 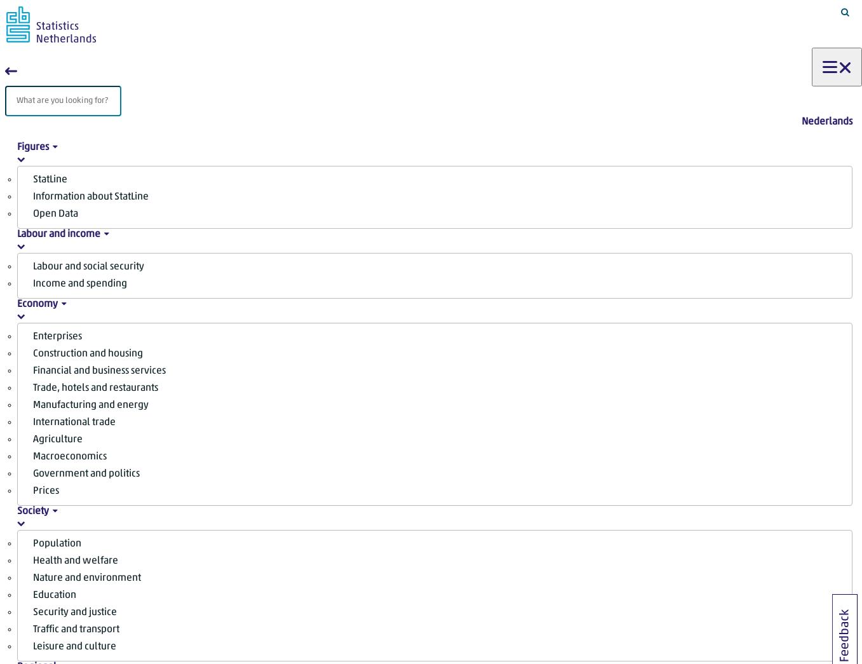 I want to click on 'Open Data', so click(x=55, y=214).